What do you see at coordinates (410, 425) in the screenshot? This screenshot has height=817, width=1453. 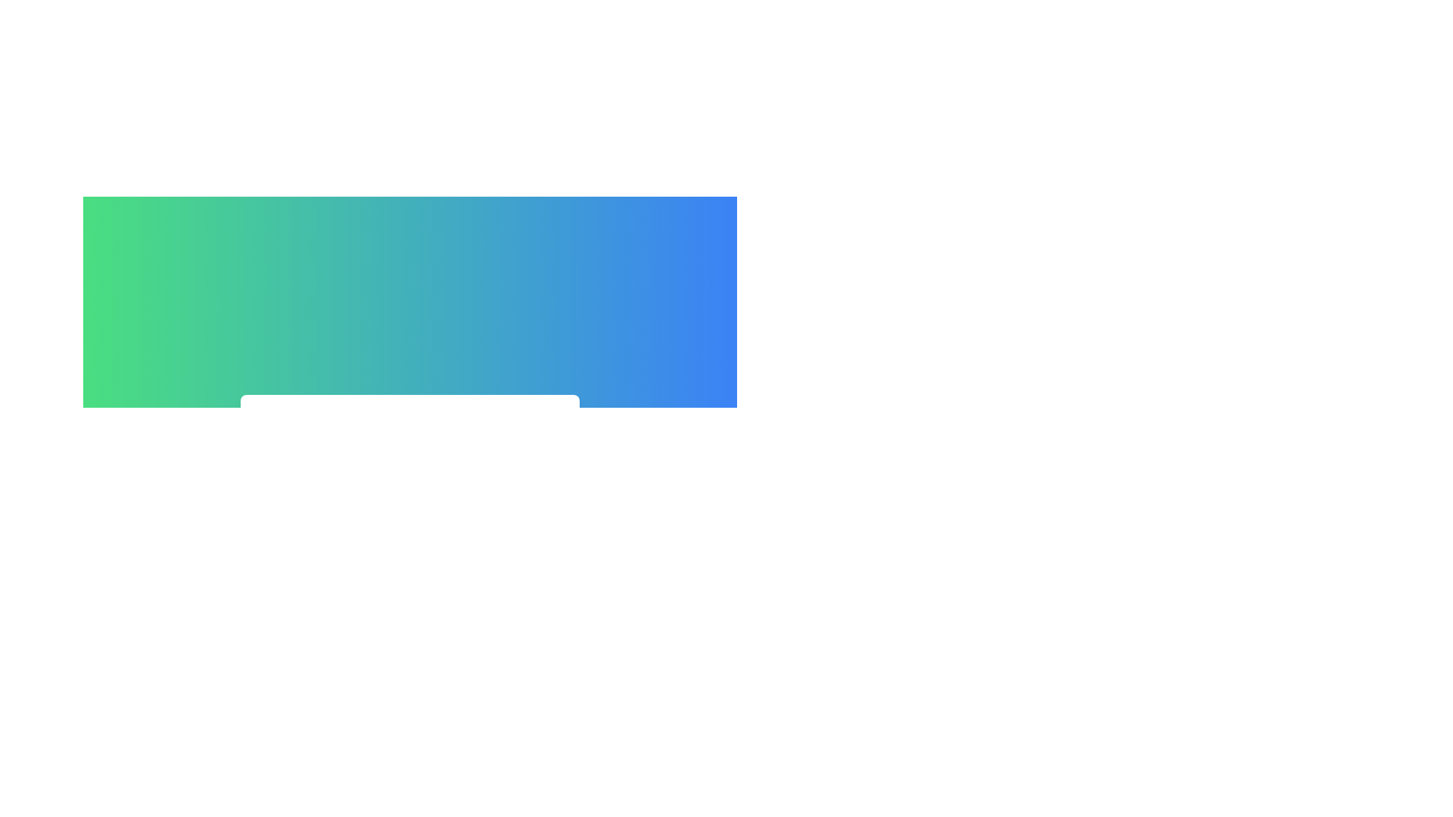 I see `the 'Close Menu' button to toggle the menu state` at bounding box center [410, 425].